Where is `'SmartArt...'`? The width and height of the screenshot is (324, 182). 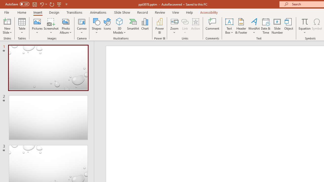 'SmartArt...' is located at coordinates (133, 26).